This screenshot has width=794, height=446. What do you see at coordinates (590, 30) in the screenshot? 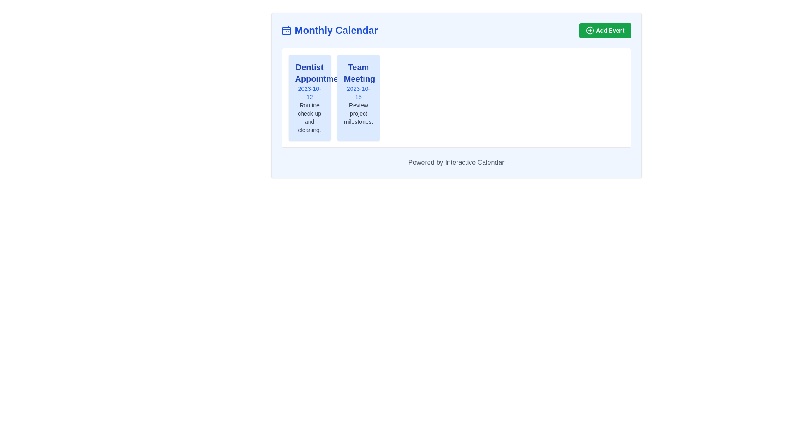
I see `the circular outline of the SVG graphic component inside the 'Add Event' button located at the top right of the main calendar view` at bounding box center [590, 30].